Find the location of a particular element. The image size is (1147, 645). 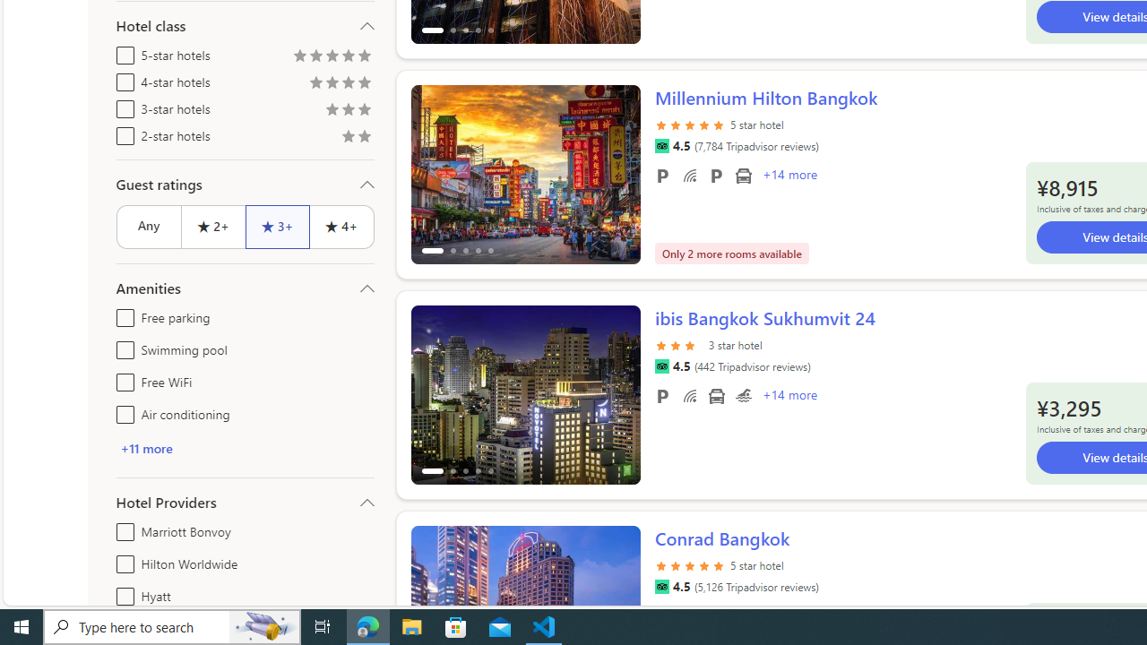

'Hyatt' is located at coordinates (121, 593).